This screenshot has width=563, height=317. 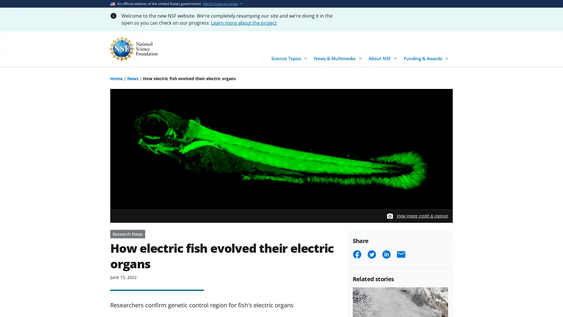 What do you see at coordinates (290, 57) in the screenshot?
I see `Science Topics` at bounding box center [290, 57].